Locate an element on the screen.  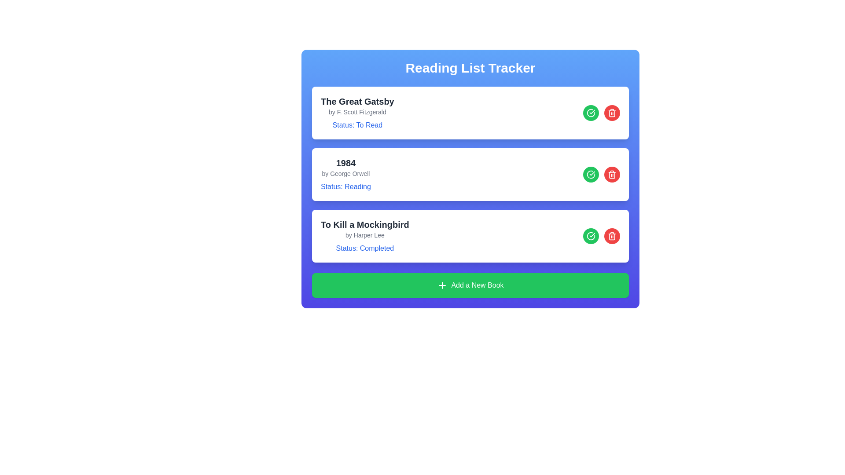
the confirmation button located in the top-right area of the 'To Kill a Mockingbird' book card is located at coordinates (591, 235).